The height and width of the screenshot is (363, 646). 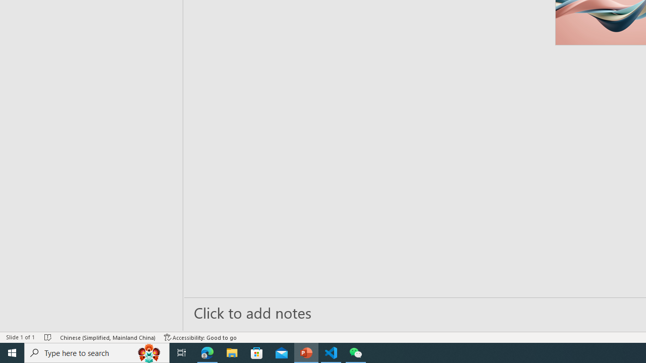 I want to click on 'Accessibility Checker Accessibility: Good to go', so click(x=200, y=337).